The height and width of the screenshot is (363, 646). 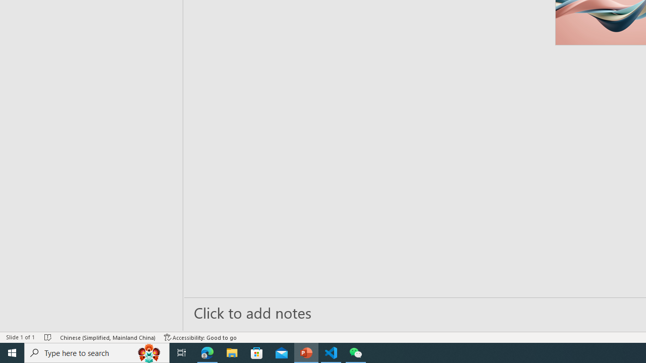 I want to click on 'Accessibility Checker Accessibility: Good to go', so click(x=200, y=337).